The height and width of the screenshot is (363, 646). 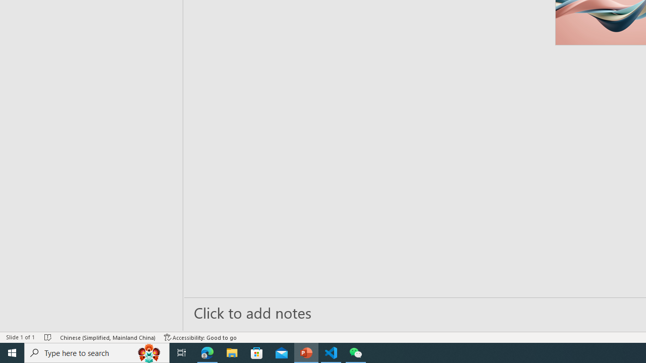 I want to click on 'Accessibility Checker Accessibility: Good to go', so click(x=200, y=337).